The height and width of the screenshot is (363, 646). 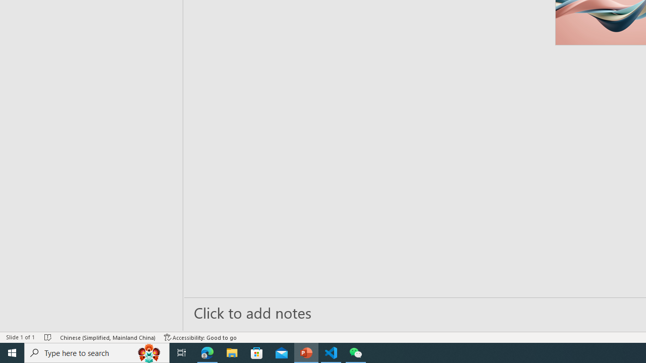 I want to click on 'Accessibility Checker Accessibility: Good to go', so click(x=200, y=337).